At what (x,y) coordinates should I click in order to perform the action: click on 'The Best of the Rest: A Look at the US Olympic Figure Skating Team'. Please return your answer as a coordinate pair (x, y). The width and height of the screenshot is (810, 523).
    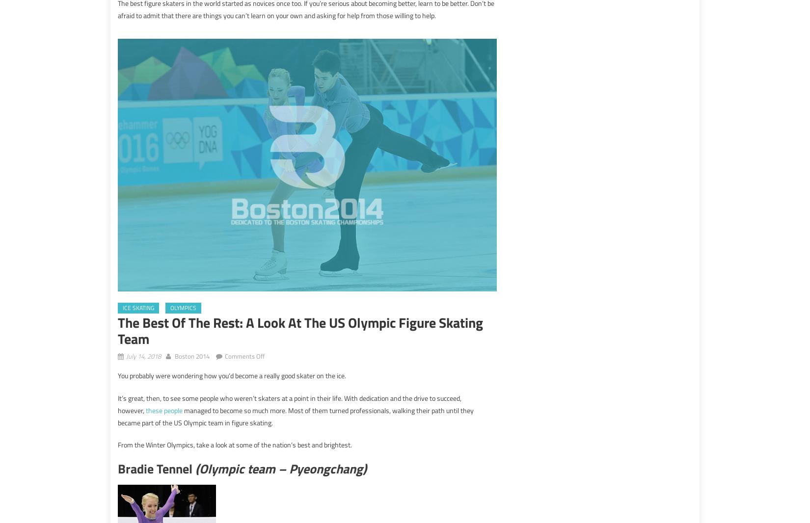
    Looking at the image, I should click on (299, 330).